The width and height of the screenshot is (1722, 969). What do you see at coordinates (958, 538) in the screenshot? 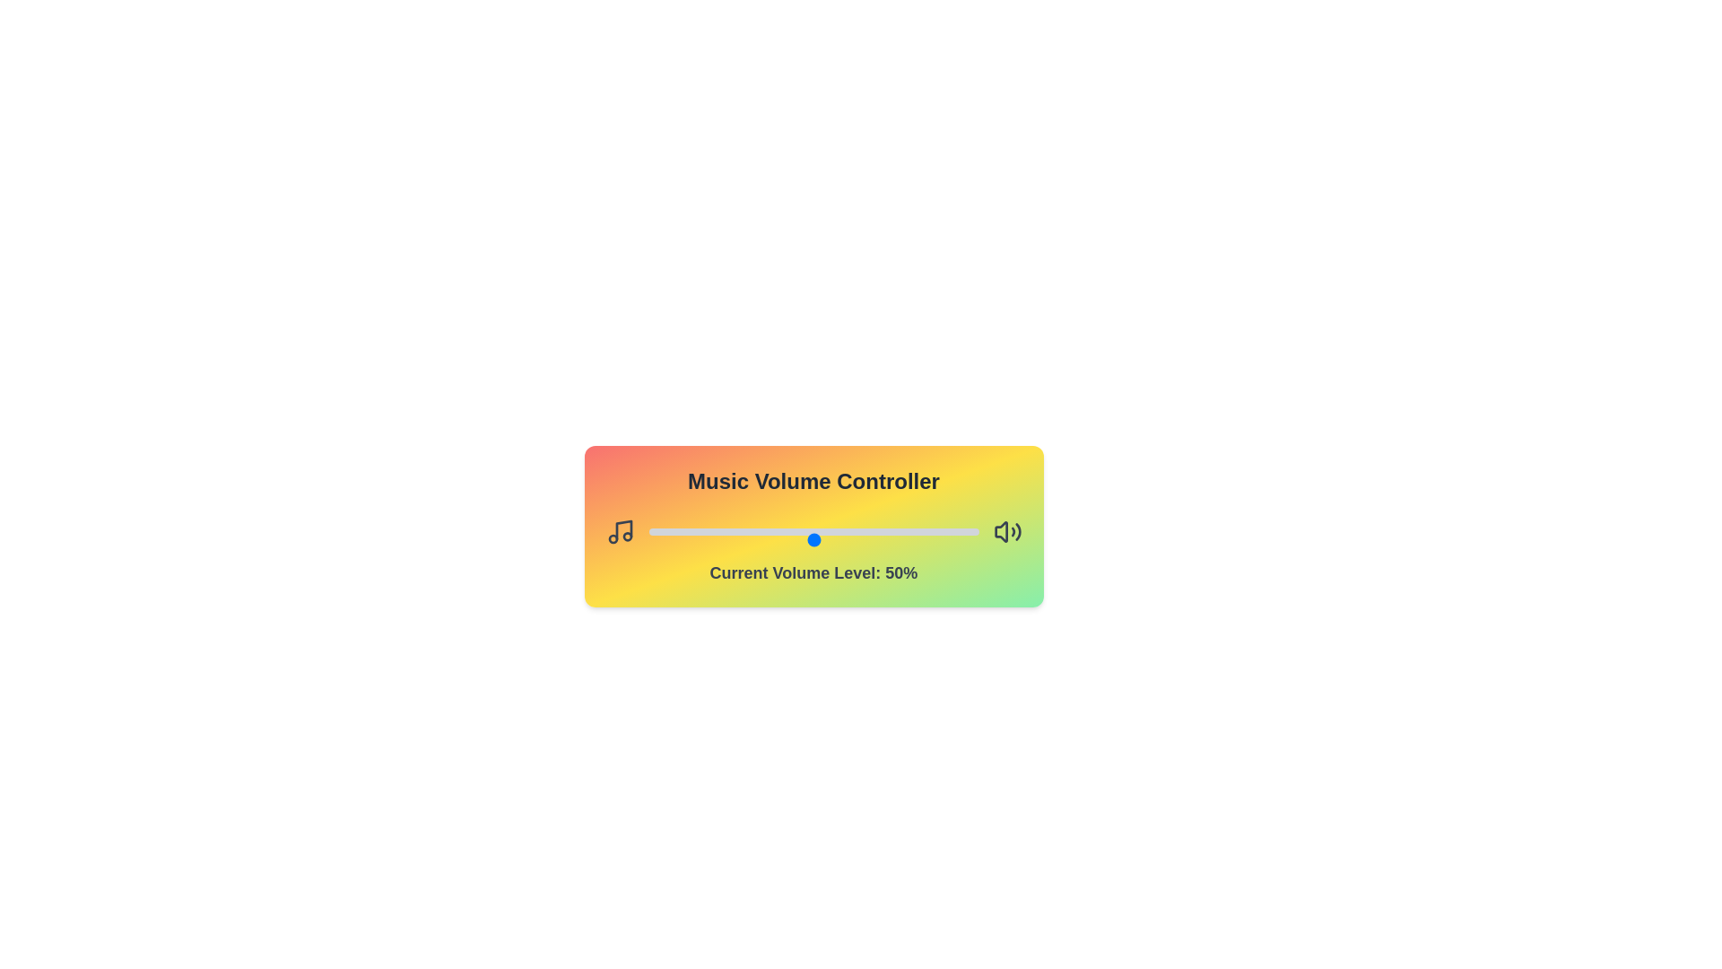
I see `the volume slider to 94%` at bounding box center [958, 538].